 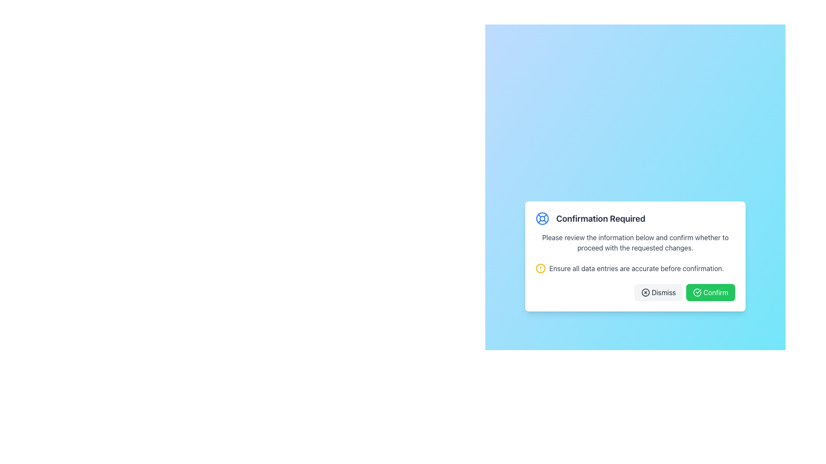 What do you see at coordinates (710, 292) in the screenshot?
I see `the confirmation button located at the bottom-right of the dialog box to observe the hover effect` at bounding box center [710, 292].